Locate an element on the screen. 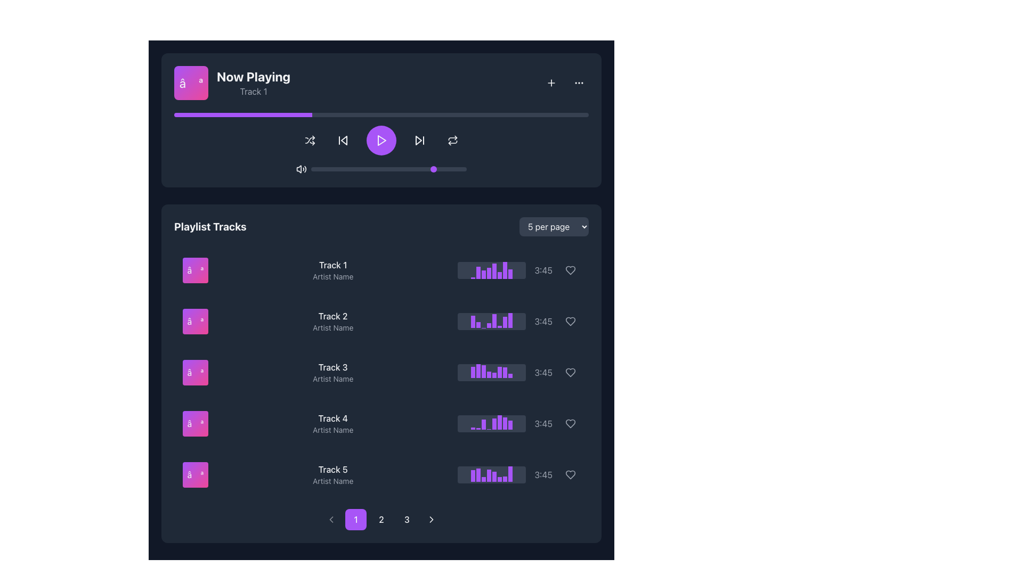 The image size is (1023, 575). the text label displaying '3:45' in light gray color, located beside a bar graph visualization and a heart icon, corresponding to 'Track 3' in the playlist is located at coordinates (543, 372).